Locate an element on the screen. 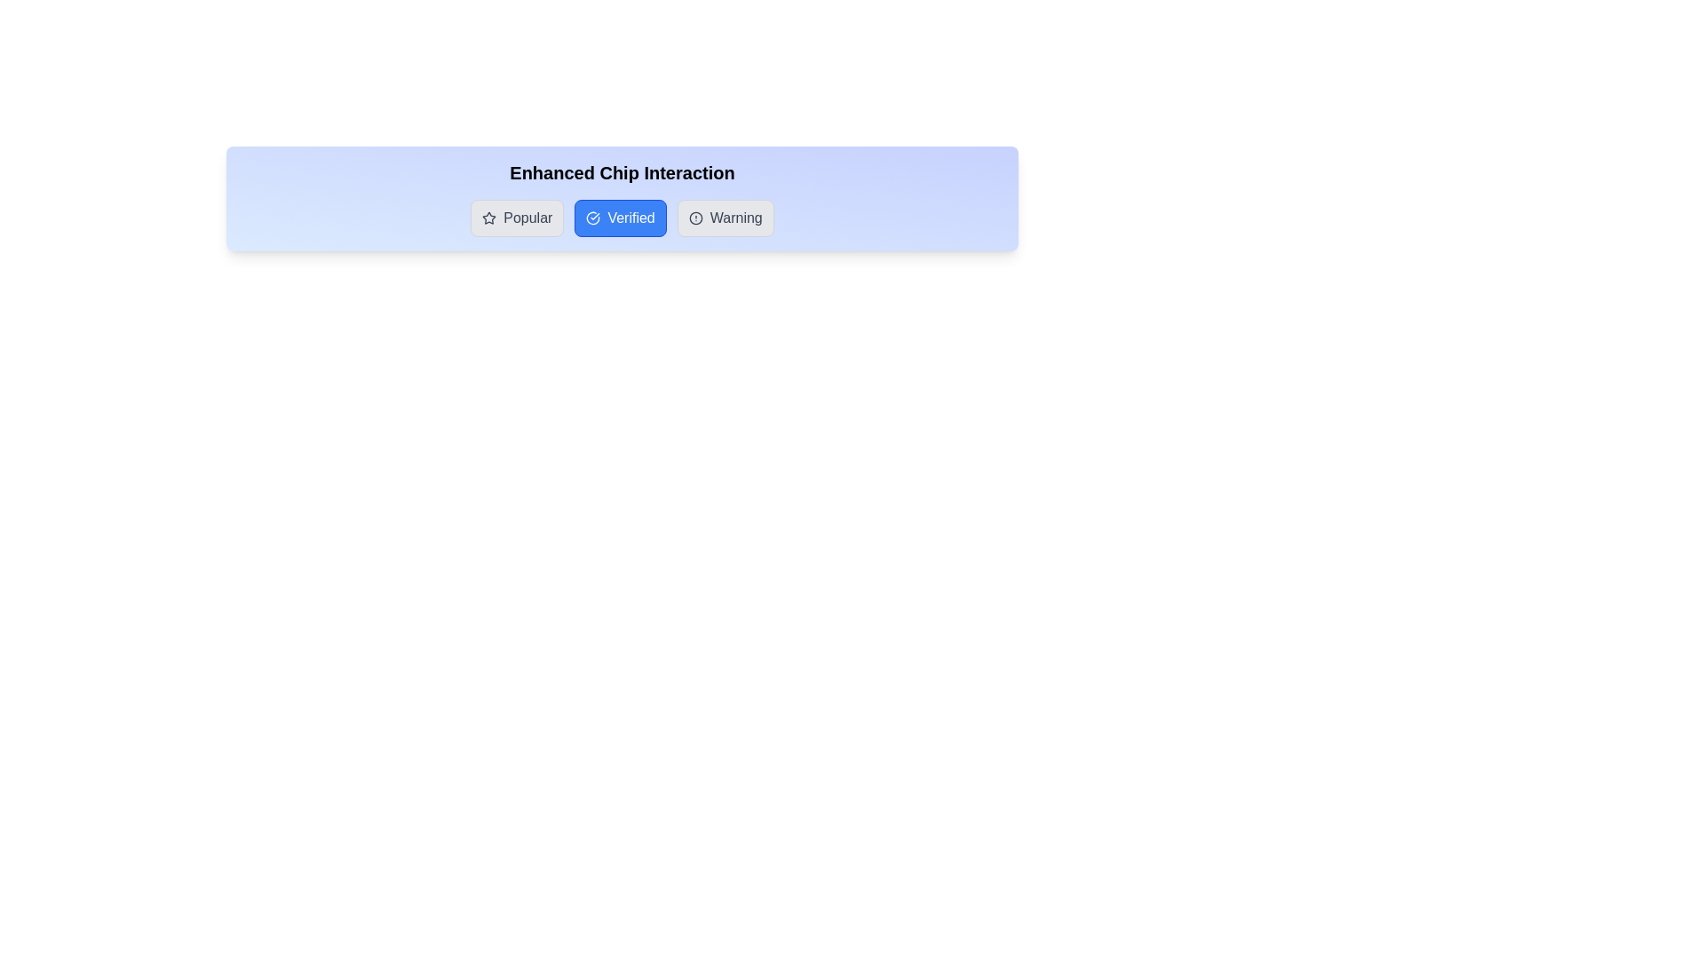 The height and width of the screenshot is (959, 1705). the chip labeled Popular is located at coordinates (516, 218).